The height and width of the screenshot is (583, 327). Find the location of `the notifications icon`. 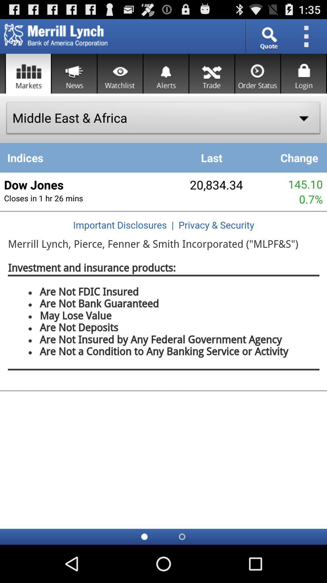

the notifications icon is located at coordinates (166, 78).